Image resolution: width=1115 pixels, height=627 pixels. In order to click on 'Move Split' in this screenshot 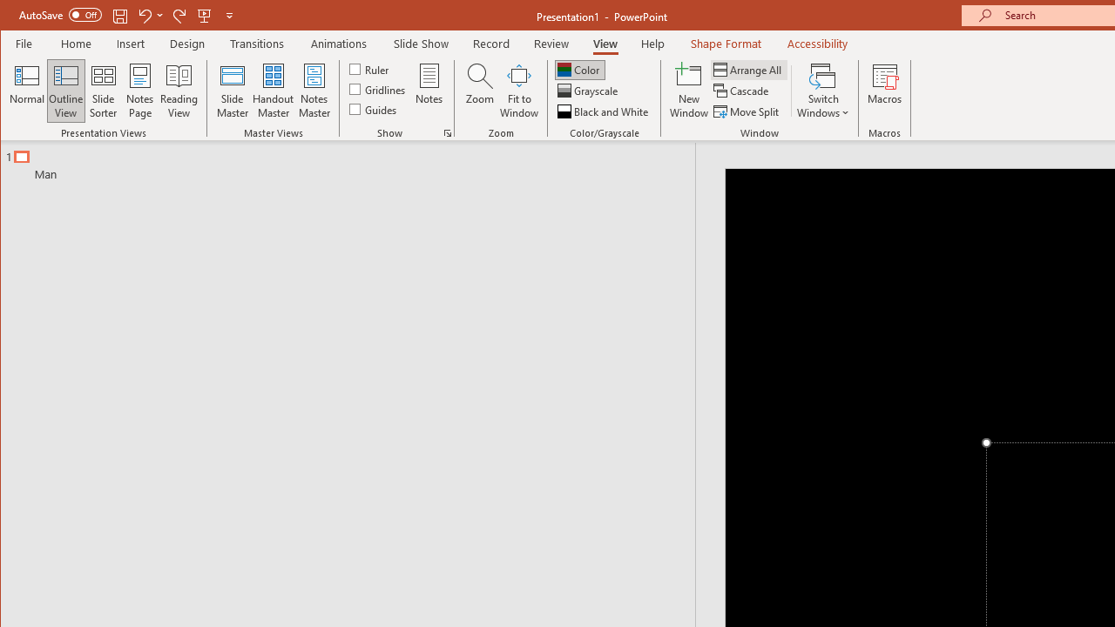, I will do `click(747, 111)`.